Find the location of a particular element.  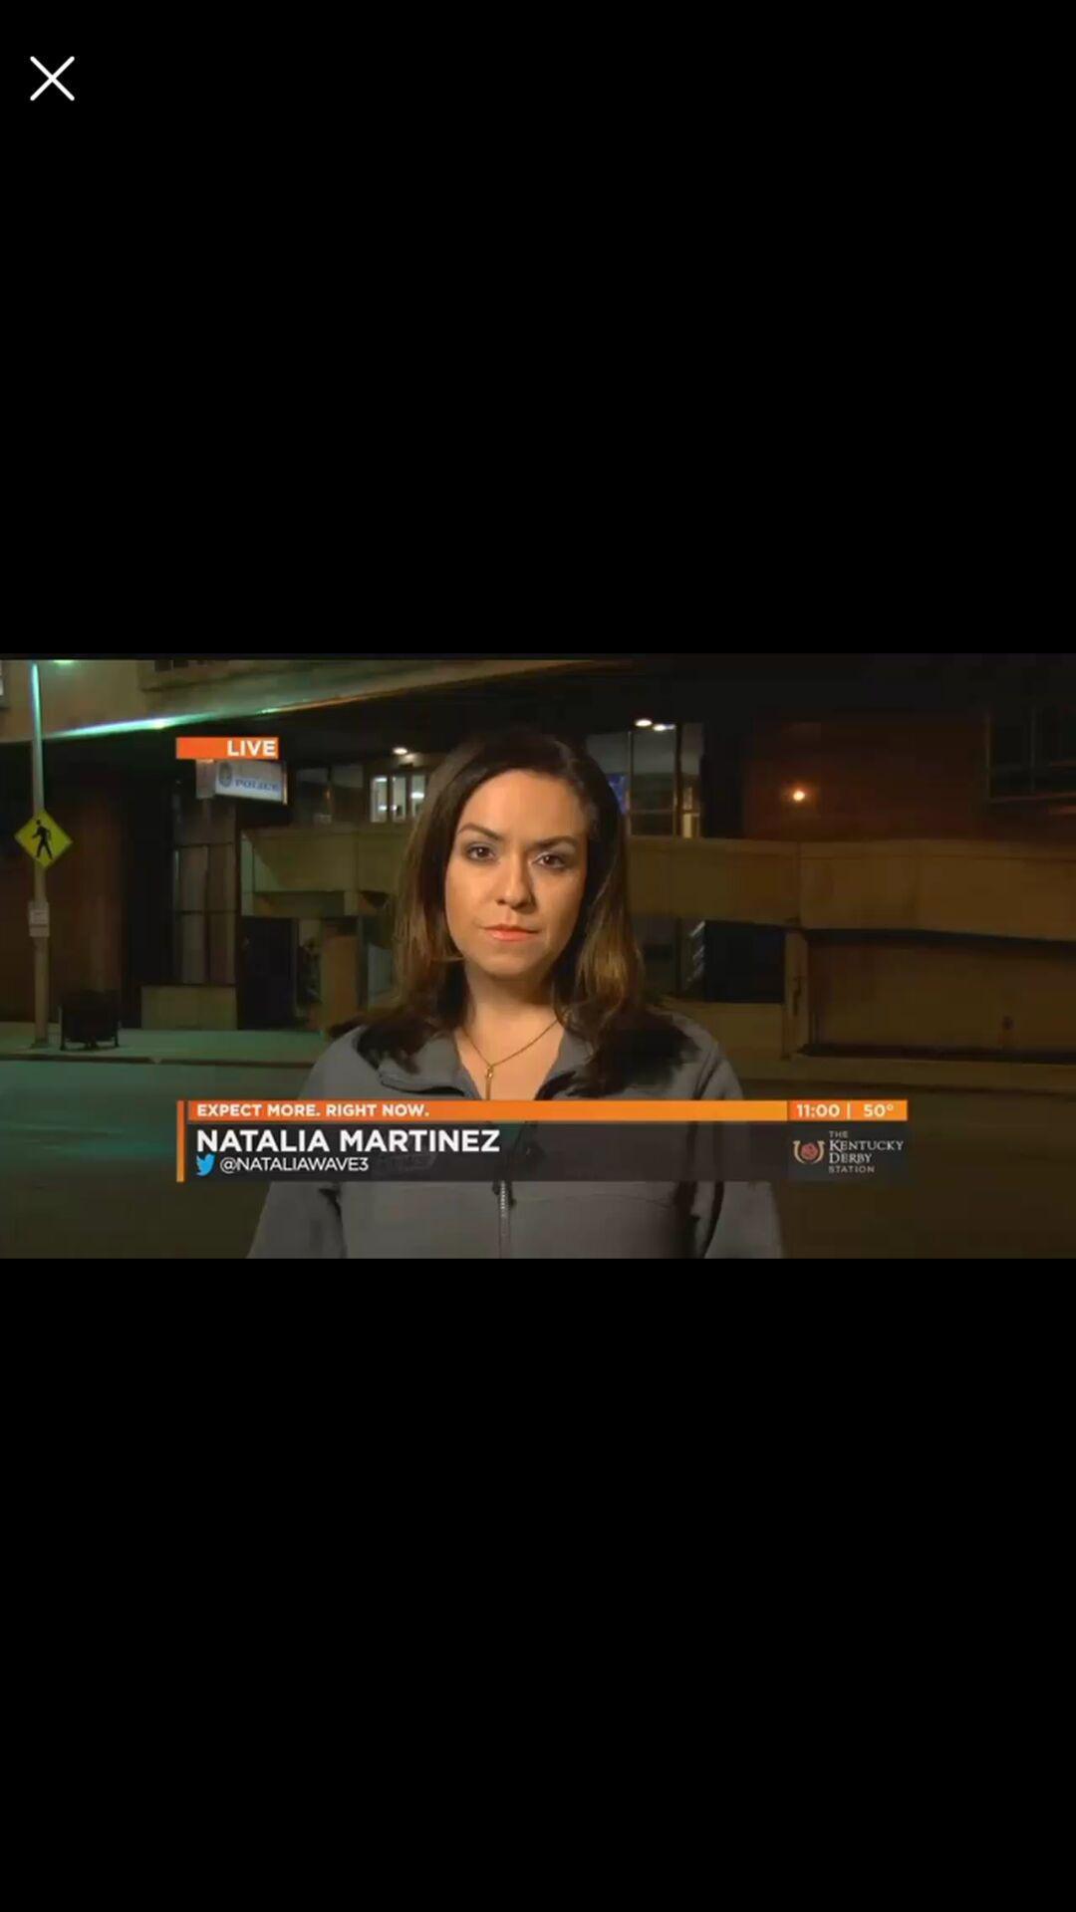

close is located at coordinates (51, 78).